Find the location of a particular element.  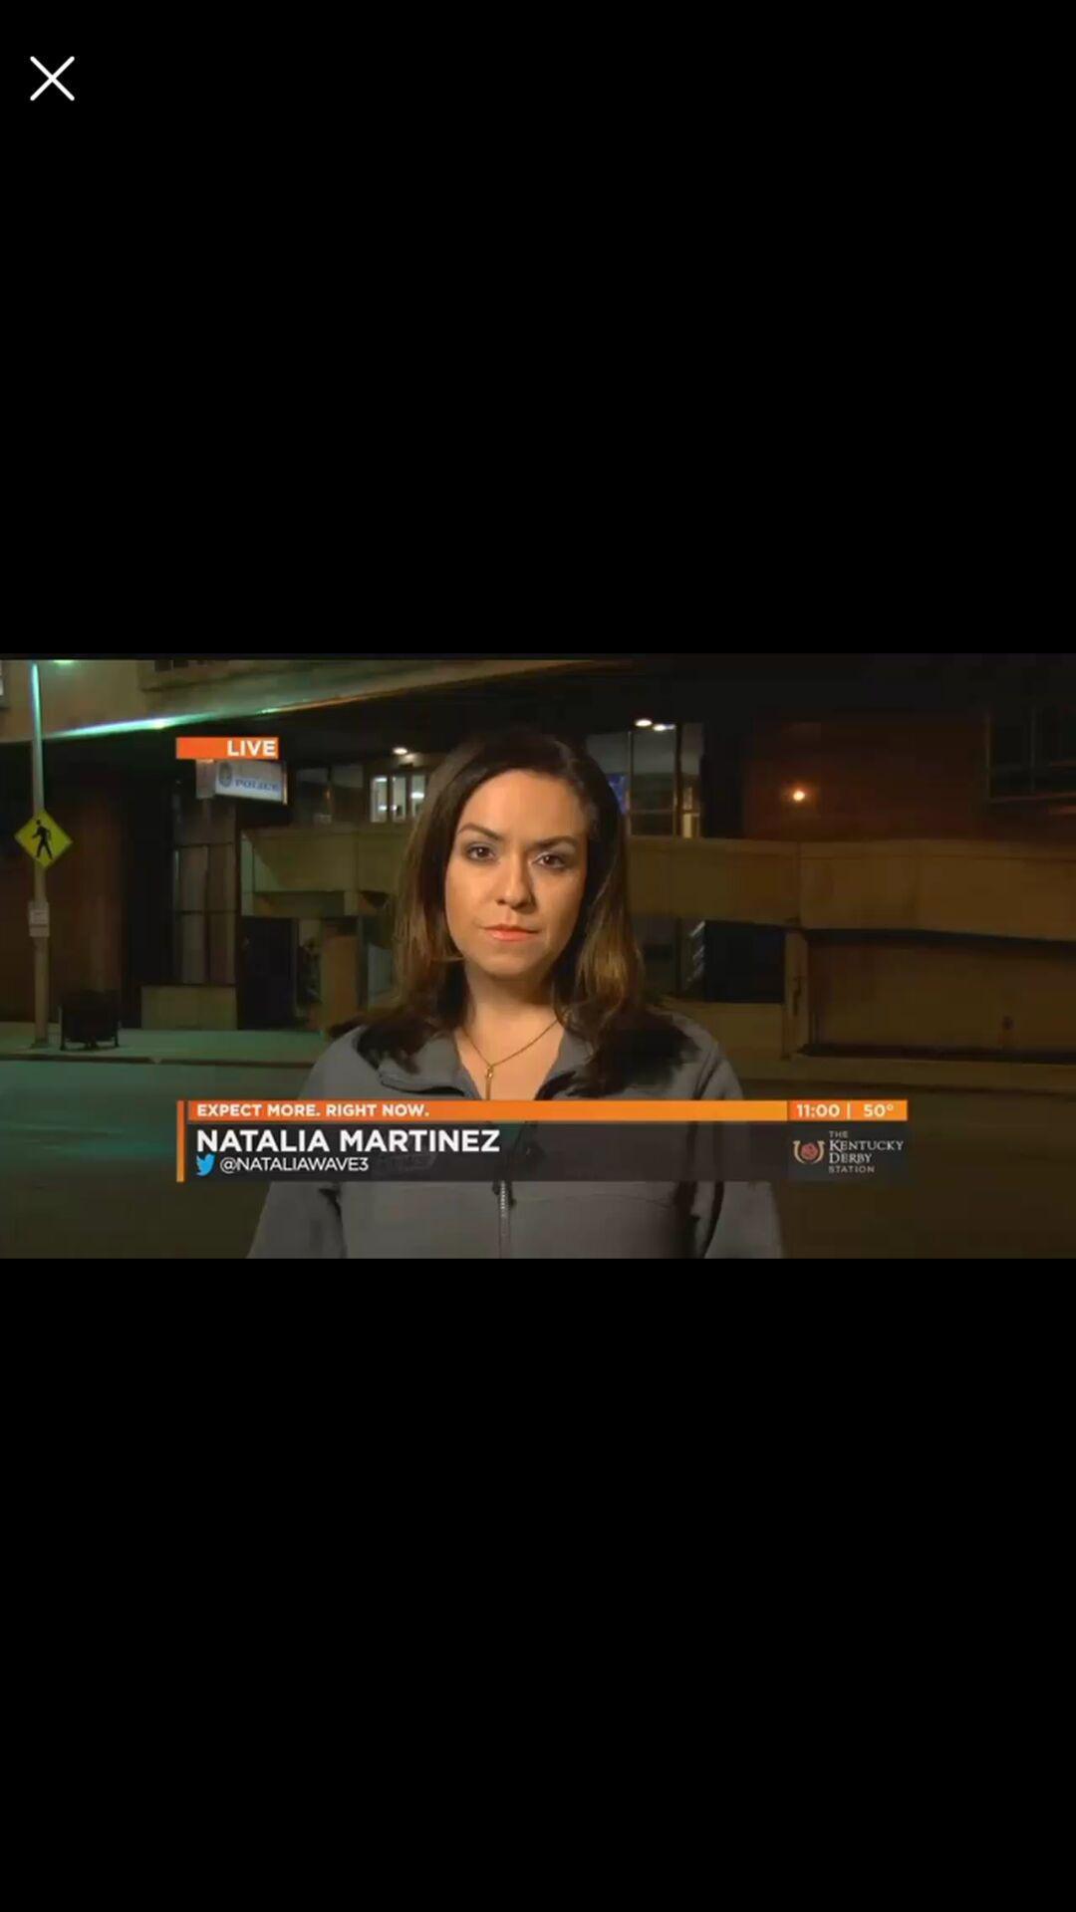

close is located at coordinates (51, 78).